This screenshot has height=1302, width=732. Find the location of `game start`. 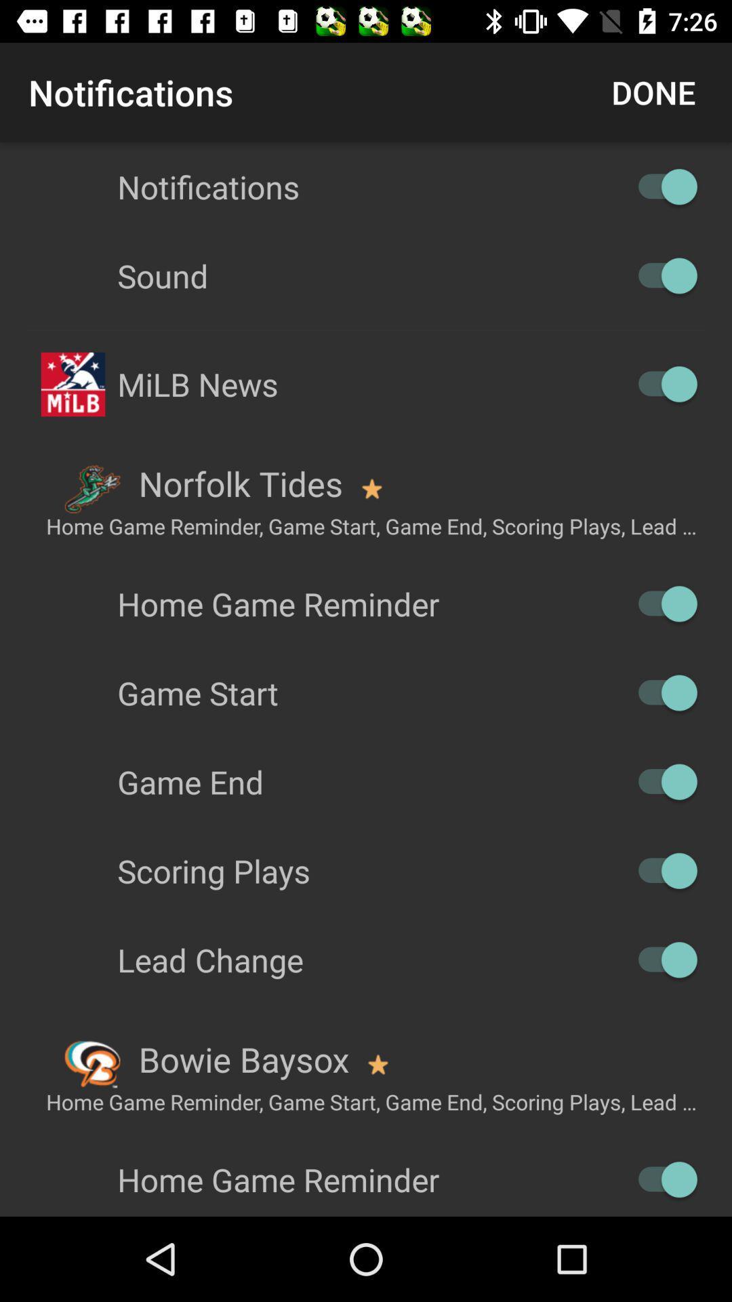

game start is located at coordinates (660, 692).